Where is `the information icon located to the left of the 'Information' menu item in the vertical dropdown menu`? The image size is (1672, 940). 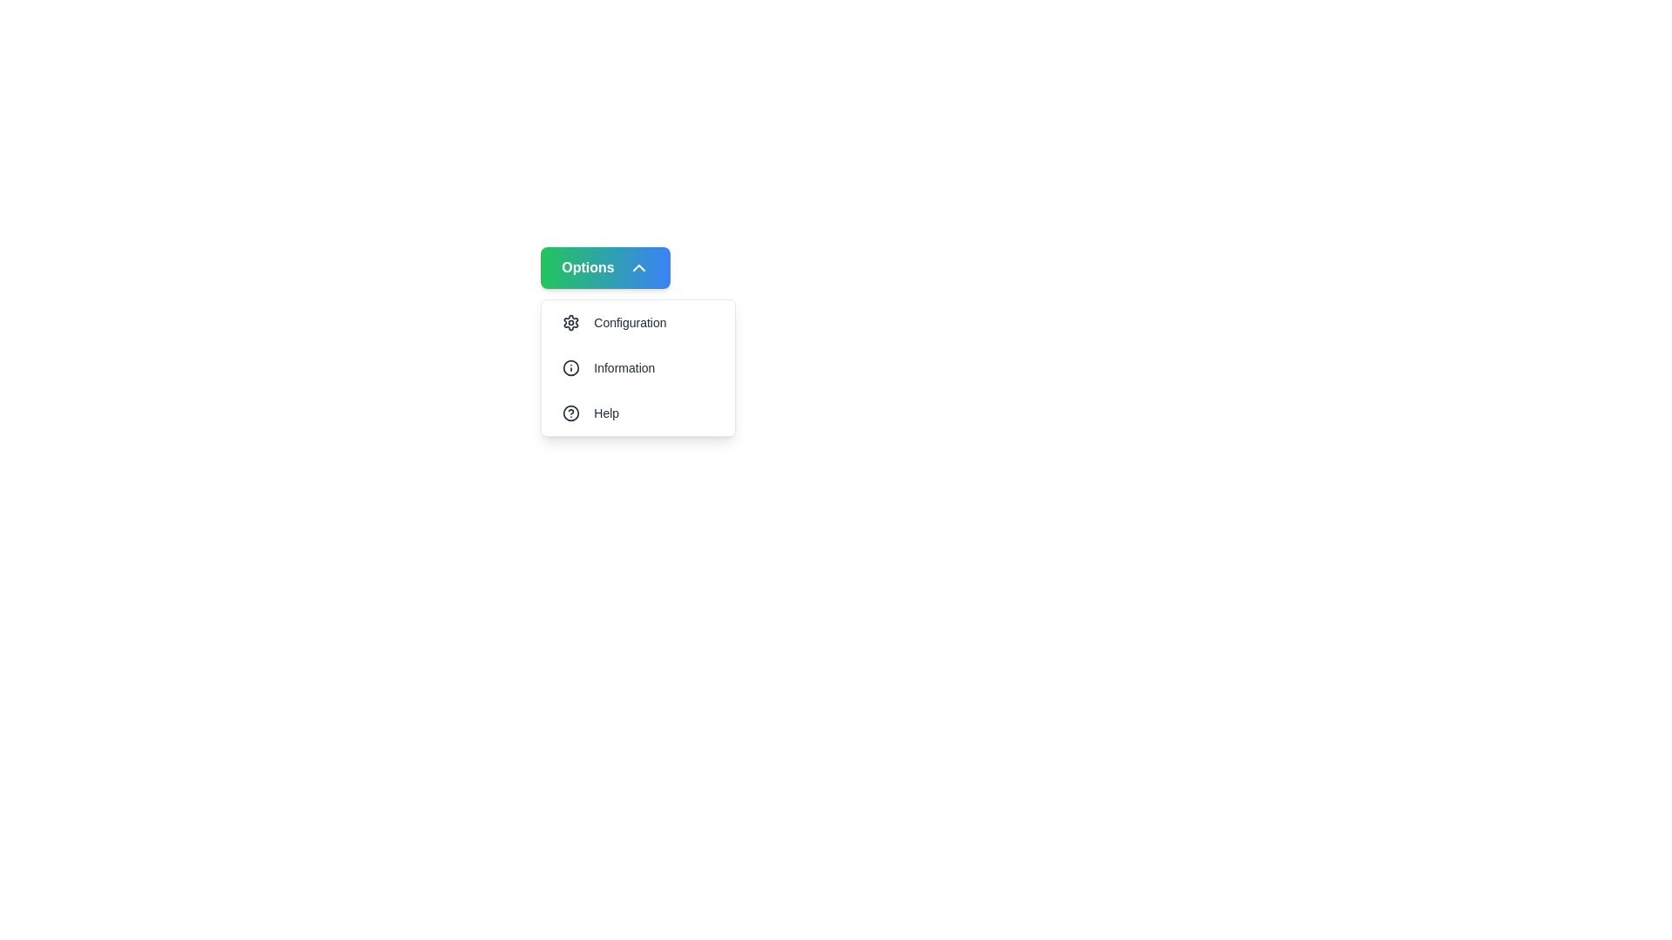
the information icon located to the left of the 'Information' menu item in the vertical dropdown menu is located at coordinates (571, 367).